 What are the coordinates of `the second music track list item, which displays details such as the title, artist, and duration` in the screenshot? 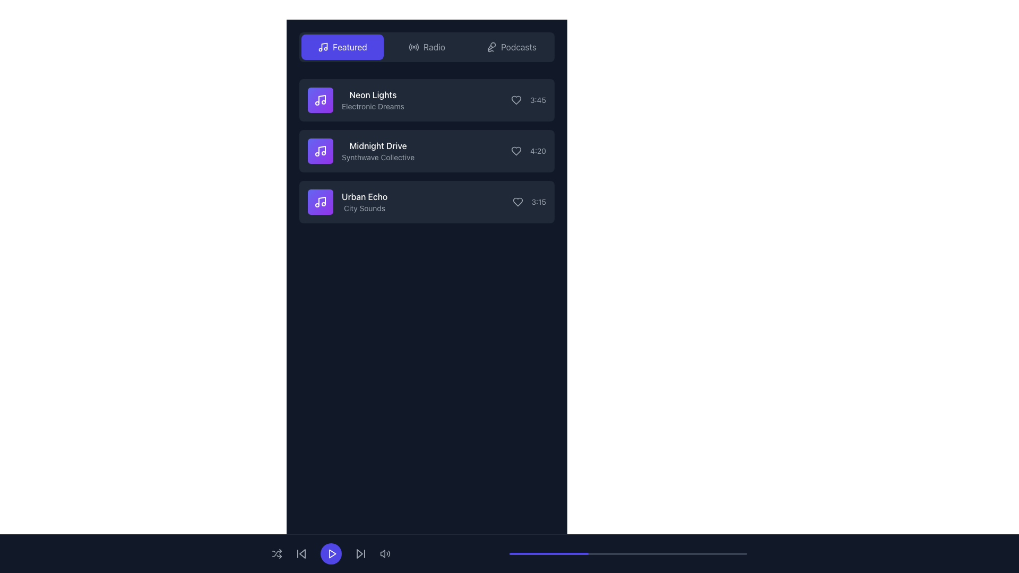 It's located at (427, 151).